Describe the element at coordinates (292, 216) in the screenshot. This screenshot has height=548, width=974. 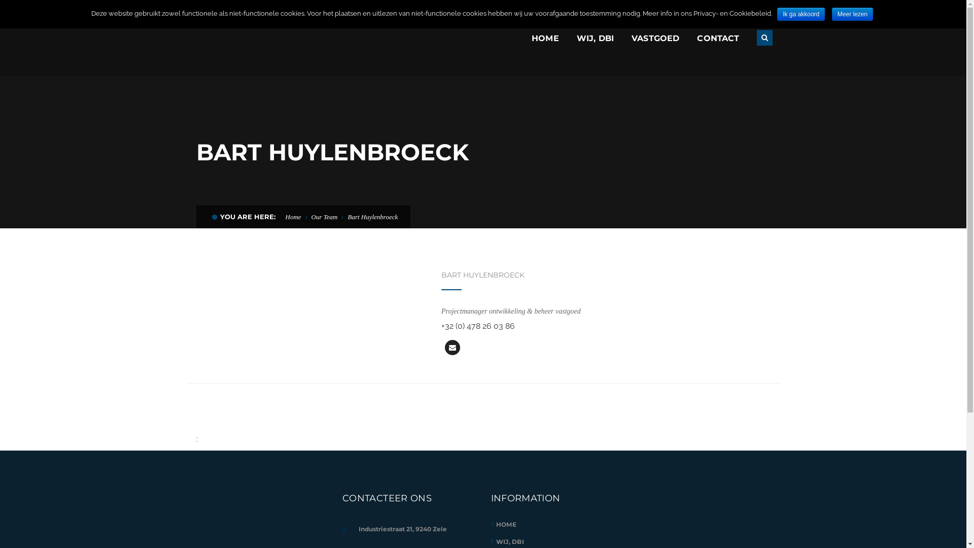
I see `'Home'` at that location.